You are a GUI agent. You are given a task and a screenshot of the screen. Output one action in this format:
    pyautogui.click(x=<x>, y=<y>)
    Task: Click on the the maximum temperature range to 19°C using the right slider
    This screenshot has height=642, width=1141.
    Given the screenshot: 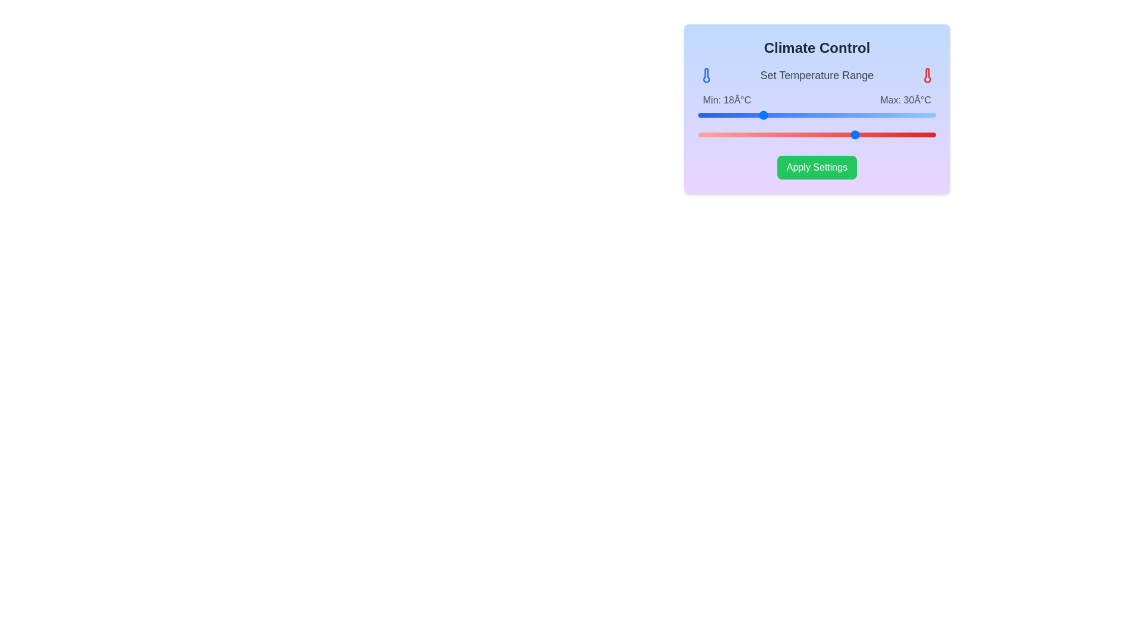 What is the action you would take?
    pyautogui.click(x=770, y=134)
    